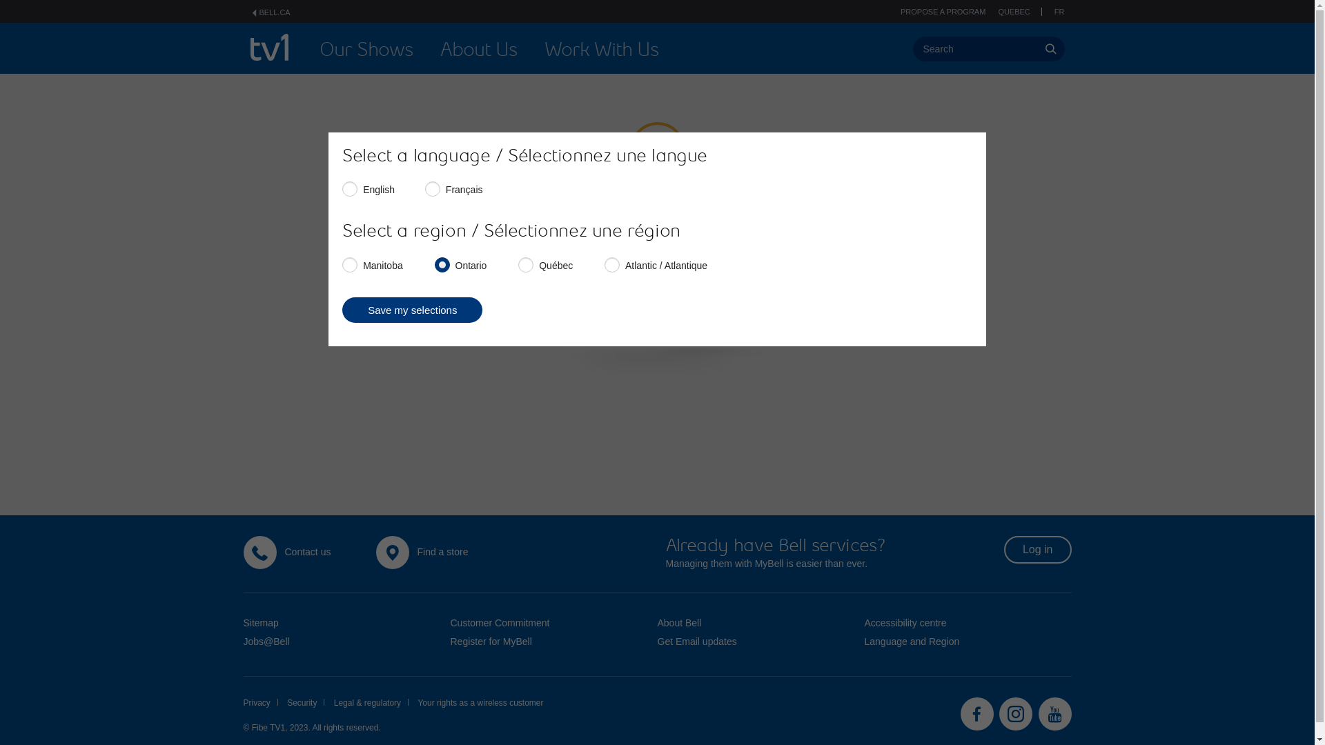  Describe the element at coordinates (490, 641) in the screenshot. I see `'Register for MyBell'` at that location.